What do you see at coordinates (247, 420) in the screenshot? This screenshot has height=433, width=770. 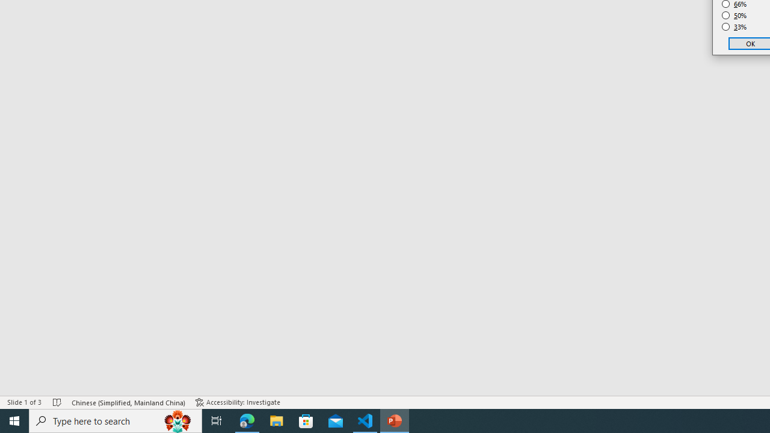 I see `'Microsoft Edge - 1 running window'` at bounding box center [247, 420].